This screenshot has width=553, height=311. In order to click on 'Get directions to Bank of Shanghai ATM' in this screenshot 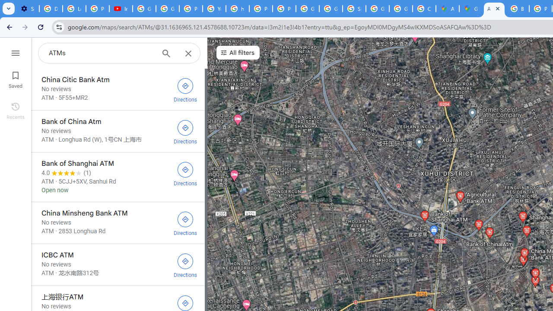, I will do `click(185, 173)`.